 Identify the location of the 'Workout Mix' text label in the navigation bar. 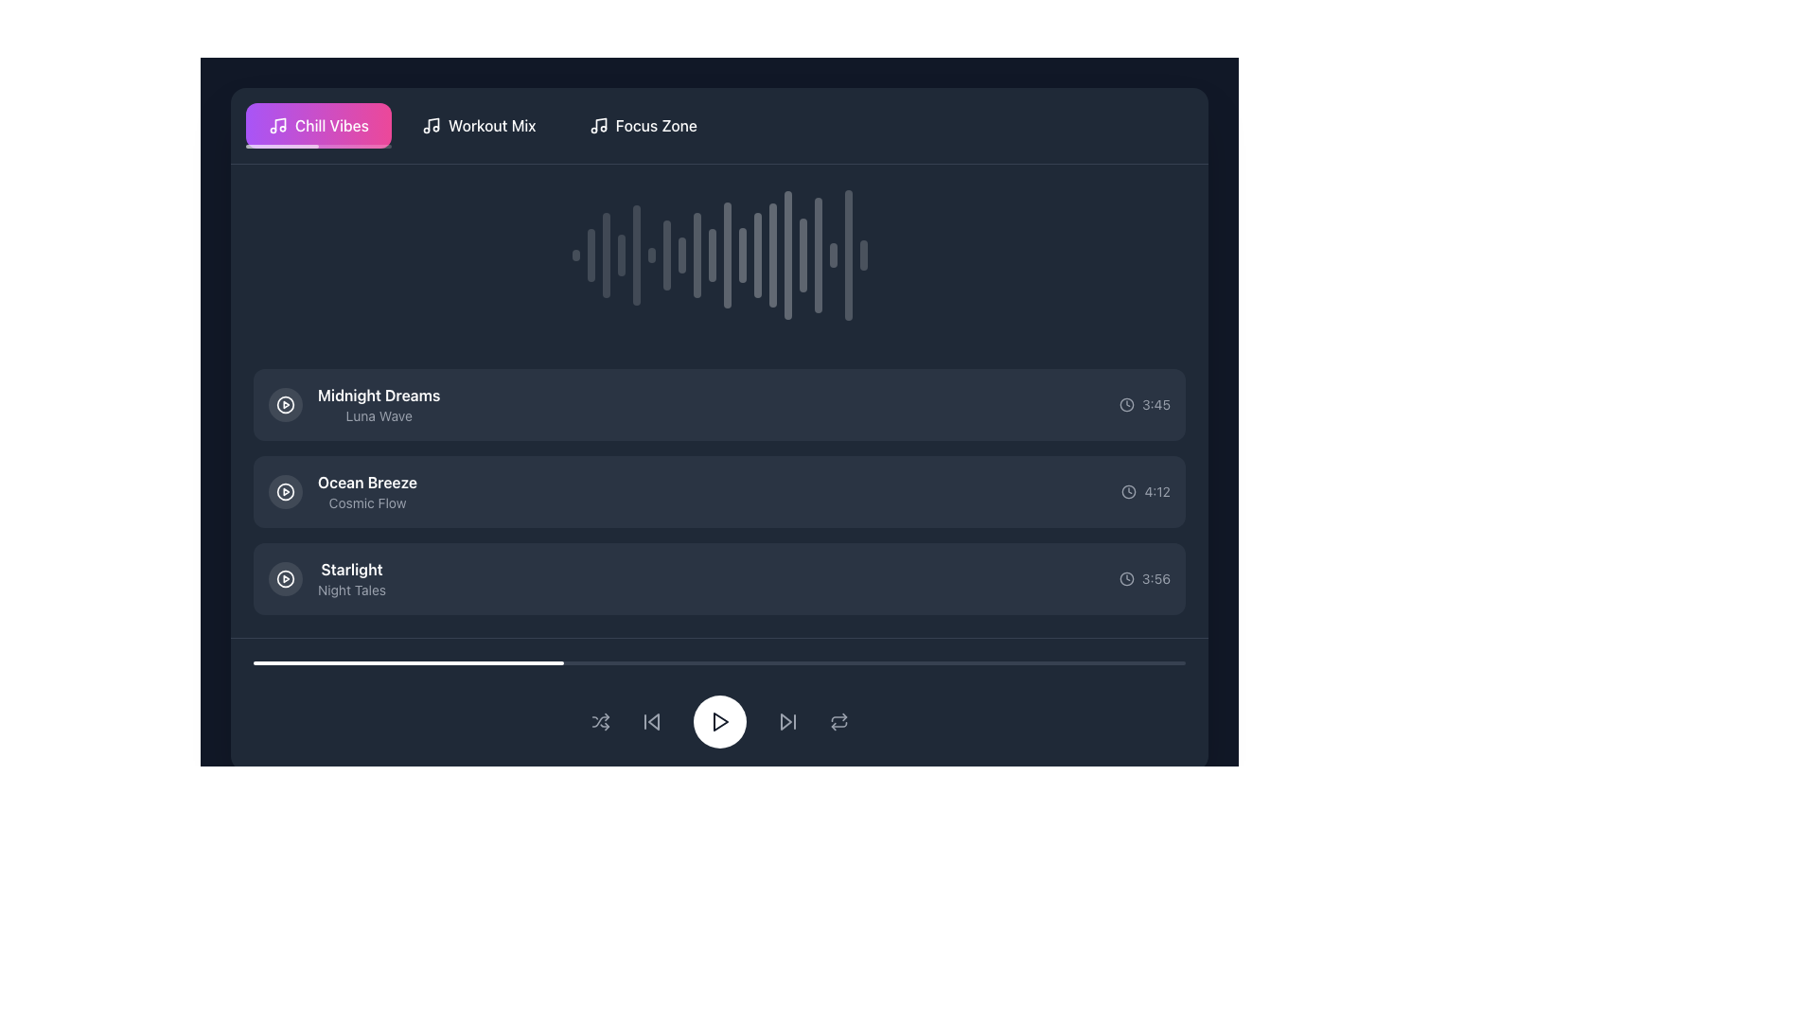
(491, 125).